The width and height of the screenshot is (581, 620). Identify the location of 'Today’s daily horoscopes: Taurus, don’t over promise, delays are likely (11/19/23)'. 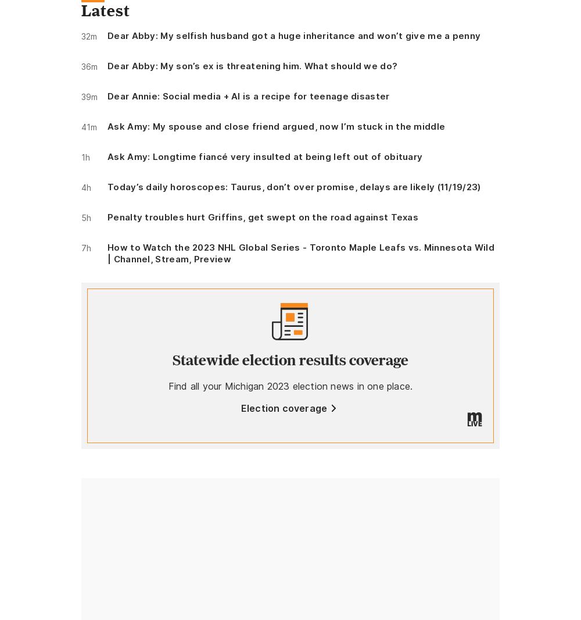
(294, 187).